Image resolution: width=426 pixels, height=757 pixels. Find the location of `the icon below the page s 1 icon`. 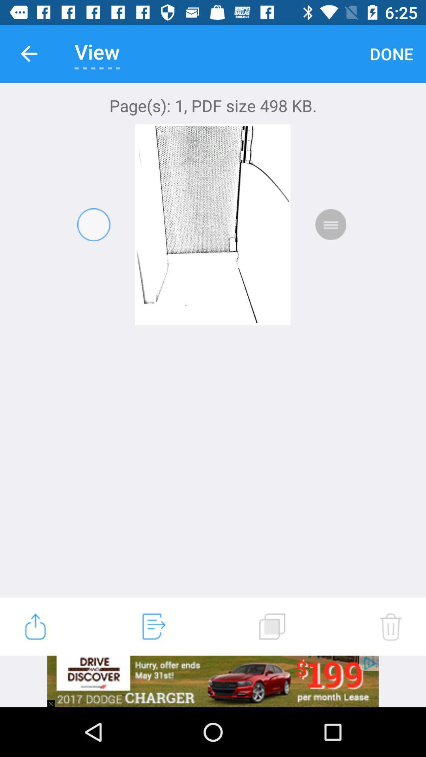

the icon below the page s 1 icon is located at coordinates (390, 626).